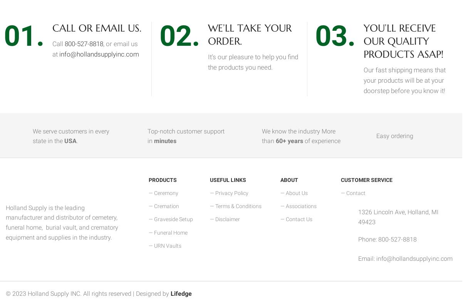 The height and width of the screenshot is (305, 463). What do you see at coordinates (236, 205) in the screenshot?
I see `'— Terms & Conditions'` at bounding box center [236, 205].